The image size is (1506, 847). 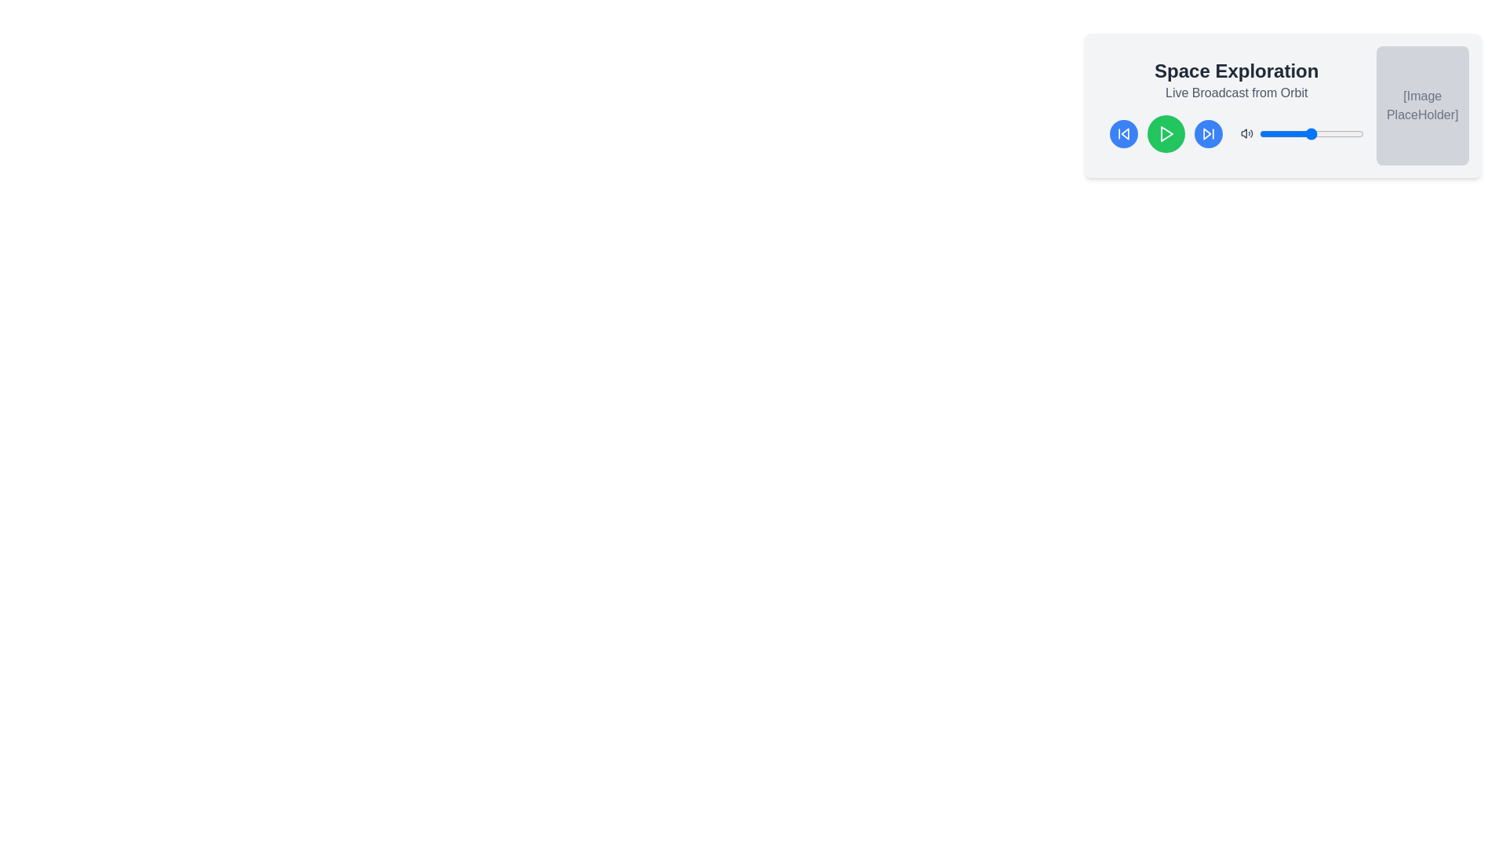 What do you see at coordinates (1282, 133) in the screenshot?
I see `slider value` at bounding box center [1282, 133].